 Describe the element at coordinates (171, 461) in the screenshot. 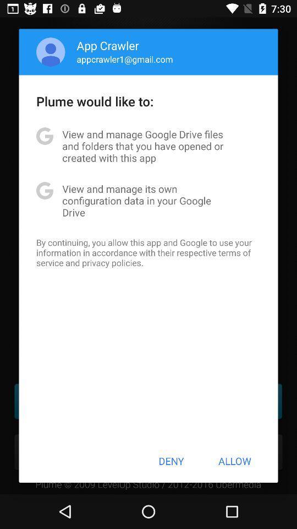

I see `the deny icon` at that location.